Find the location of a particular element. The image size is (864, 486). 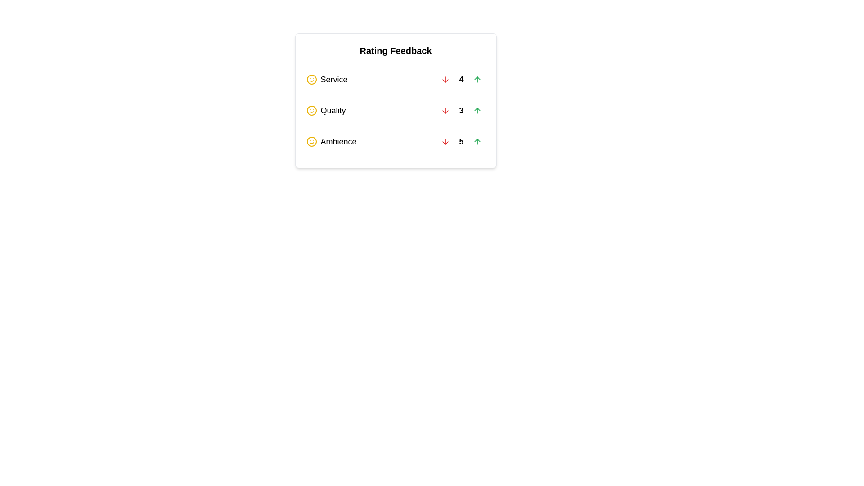

the static text element displaying the current rating score for 'Ambience', which is positioned centrally in the third row of the rating interface between the red down arrow and the green up arrow is located at coordinates (461, 142).